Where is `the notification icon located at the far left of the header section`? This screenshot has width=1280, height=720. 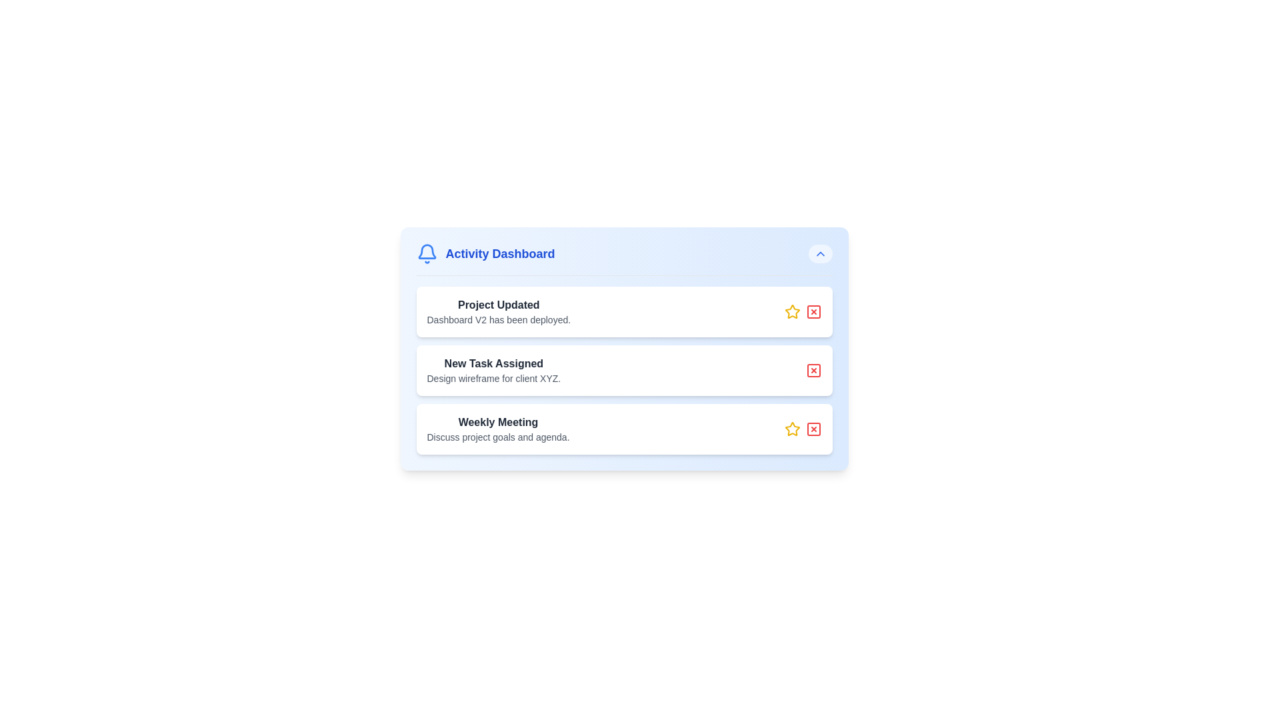 the notification icon located at the far left of the header section is located at coordinates (427, 254).